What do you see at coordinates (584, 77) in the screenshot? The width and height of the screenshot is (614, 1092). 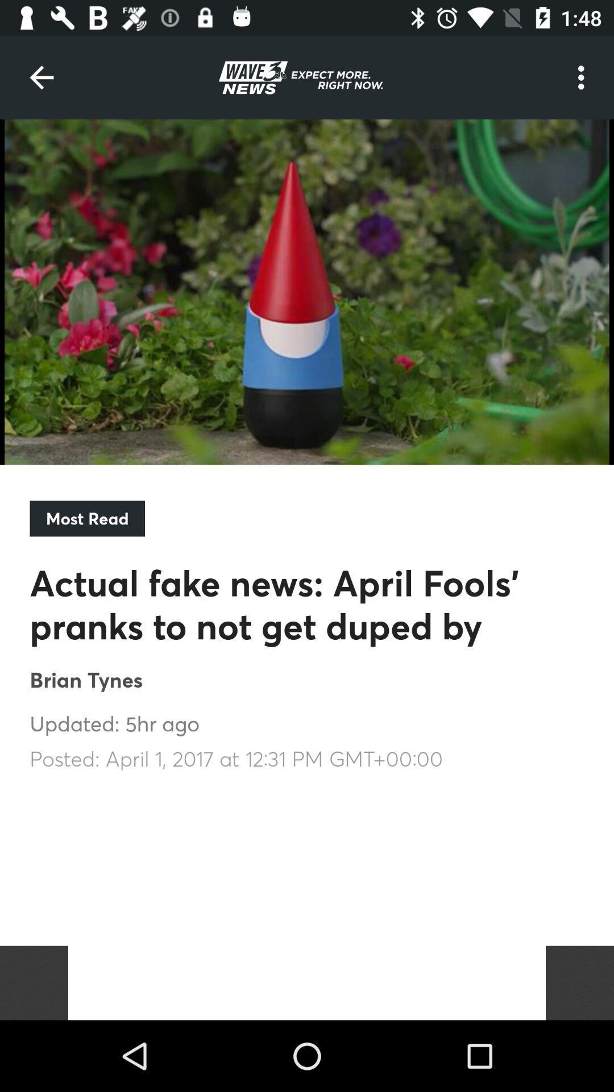 I see `the icon at the top right corner` at bounding box center [584, 77].